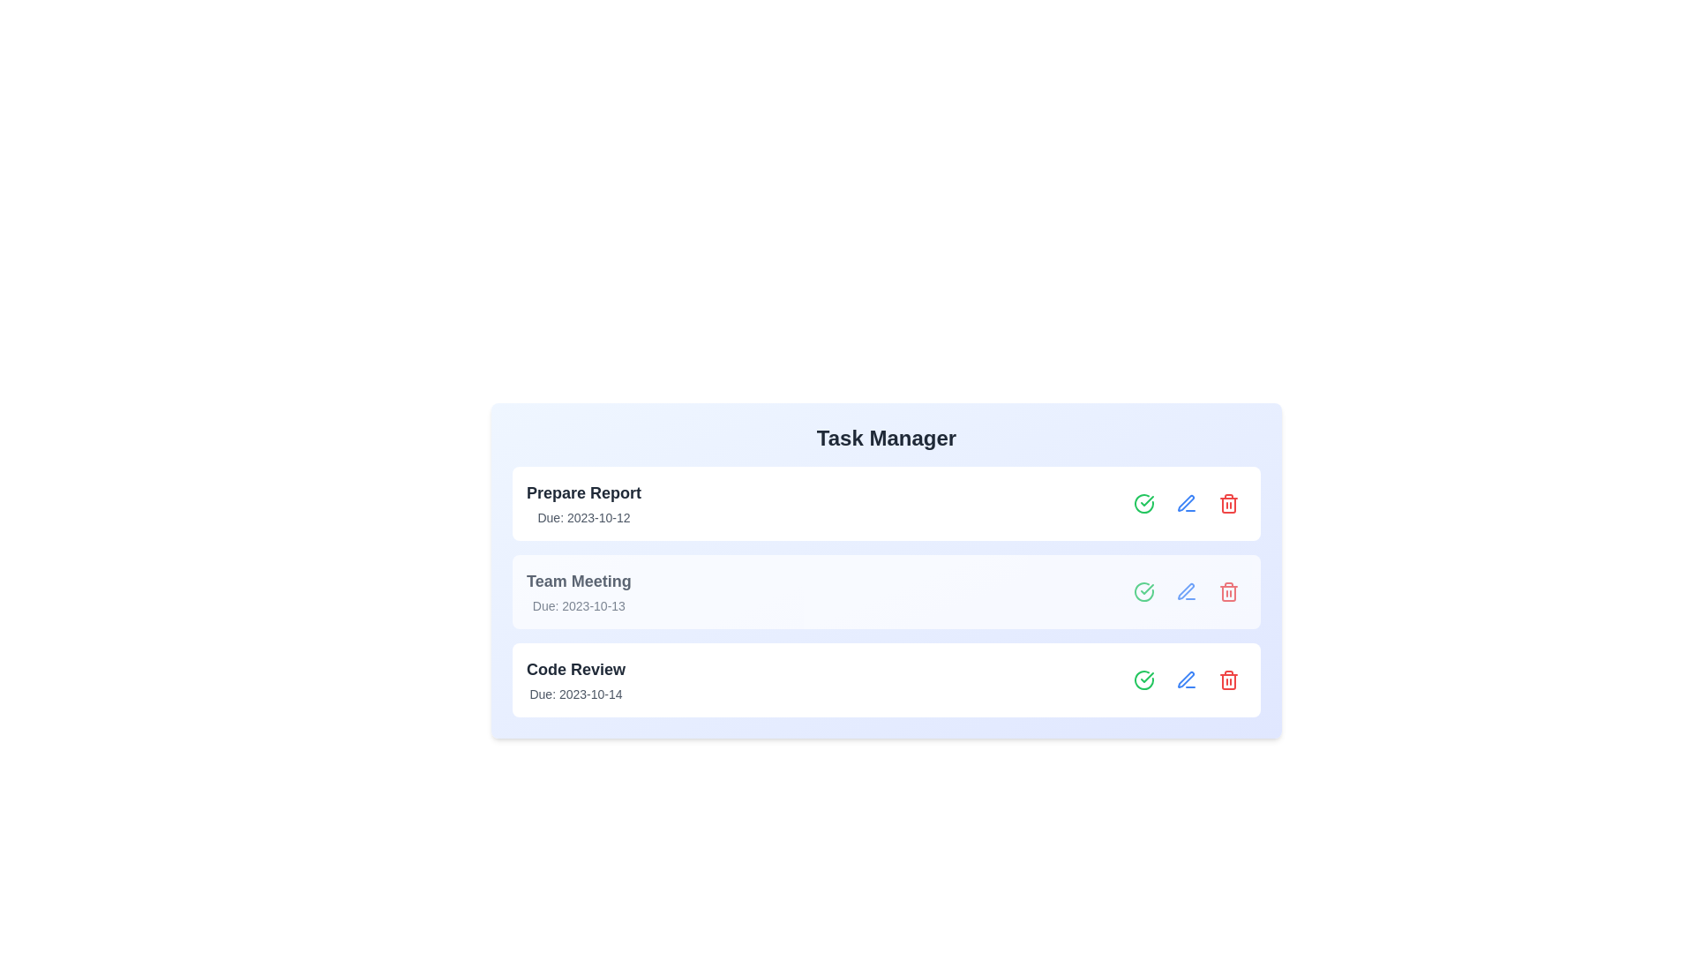 This screenshot has height=953, width=1694. What do you see at coordinates (886, 679) in the screenshot?
I see `the task Code Review to inspect its hover effect` at bounding box center [886, 679].